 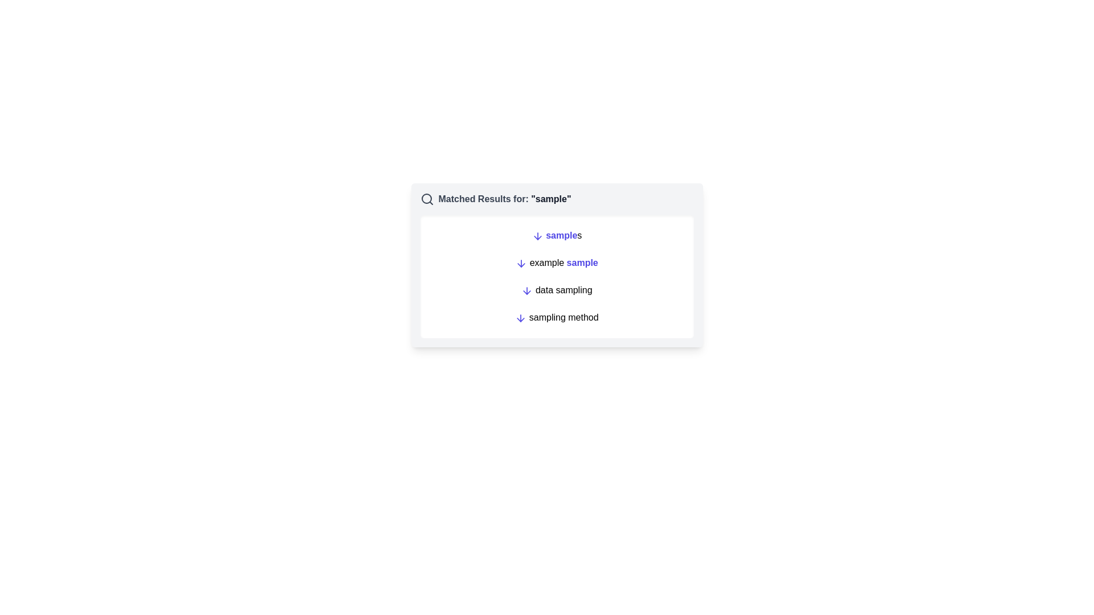 What do you see at coordinates (561, 235) in the screenshot?
I see `the text label displaying the word 'sample', which is bold and indigo, located to the right of an arrow icon` at bounding box center [561, 235].